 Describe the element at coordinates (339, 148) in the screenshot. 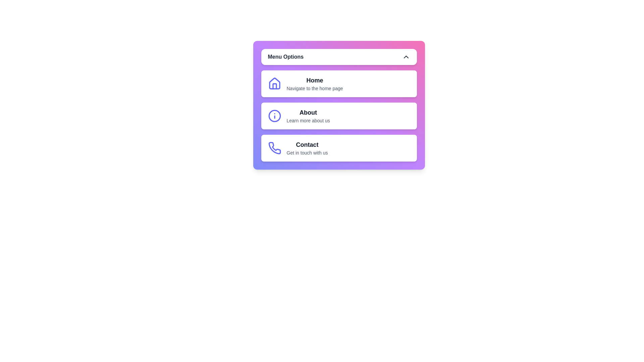

I see `the menu item Contact to view its hover effect` at that location.